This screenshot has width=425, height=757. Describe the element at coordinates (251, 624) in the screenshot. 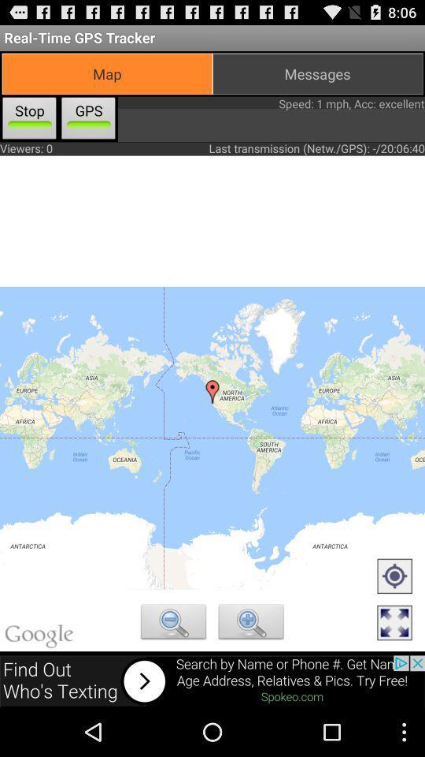

I see `location zoom` at that location.